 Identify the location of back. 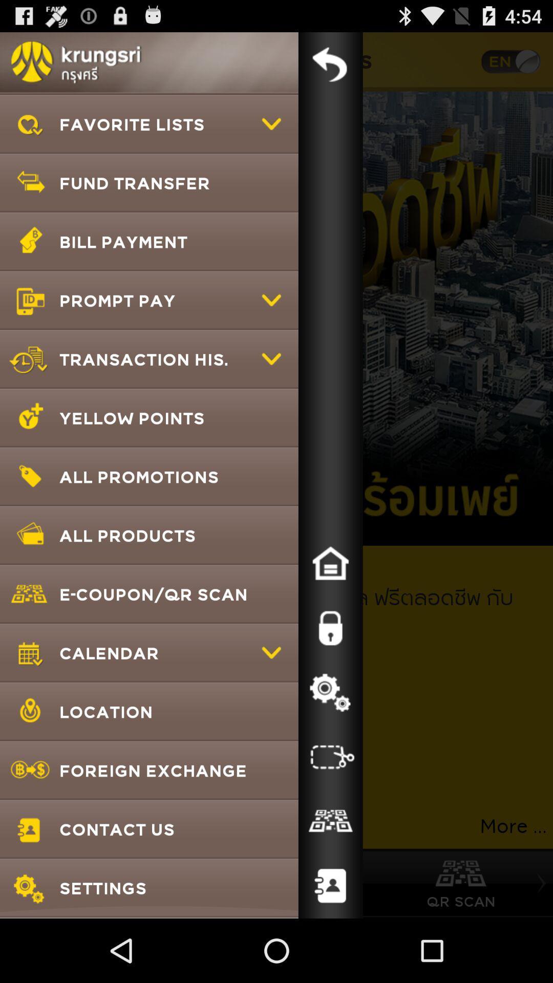
(330, 63).